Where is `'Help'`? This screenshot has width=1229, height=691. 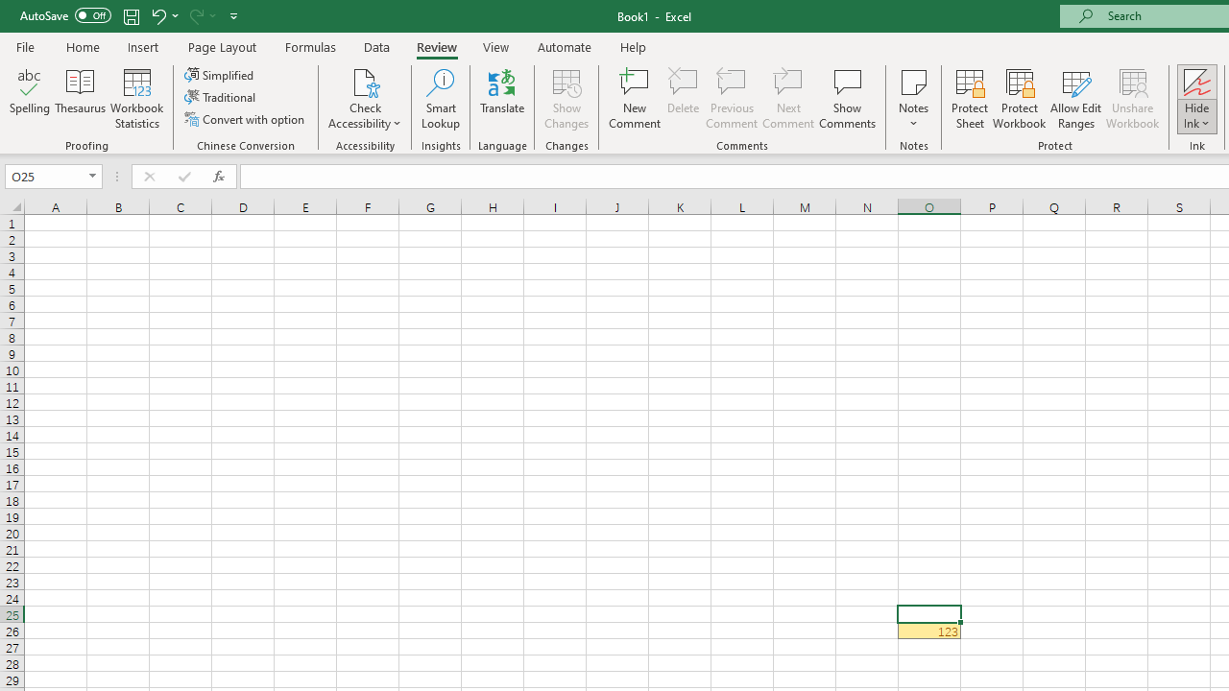
'Help' is located at coordinates (634, 46).